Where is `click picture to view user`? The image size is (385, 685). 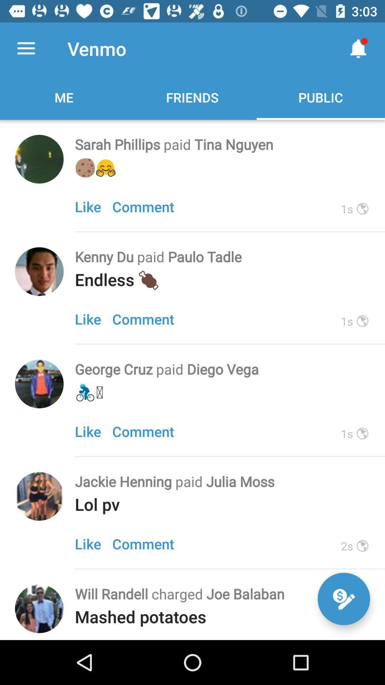
click picture to view user is located at coordinates (39, 271).